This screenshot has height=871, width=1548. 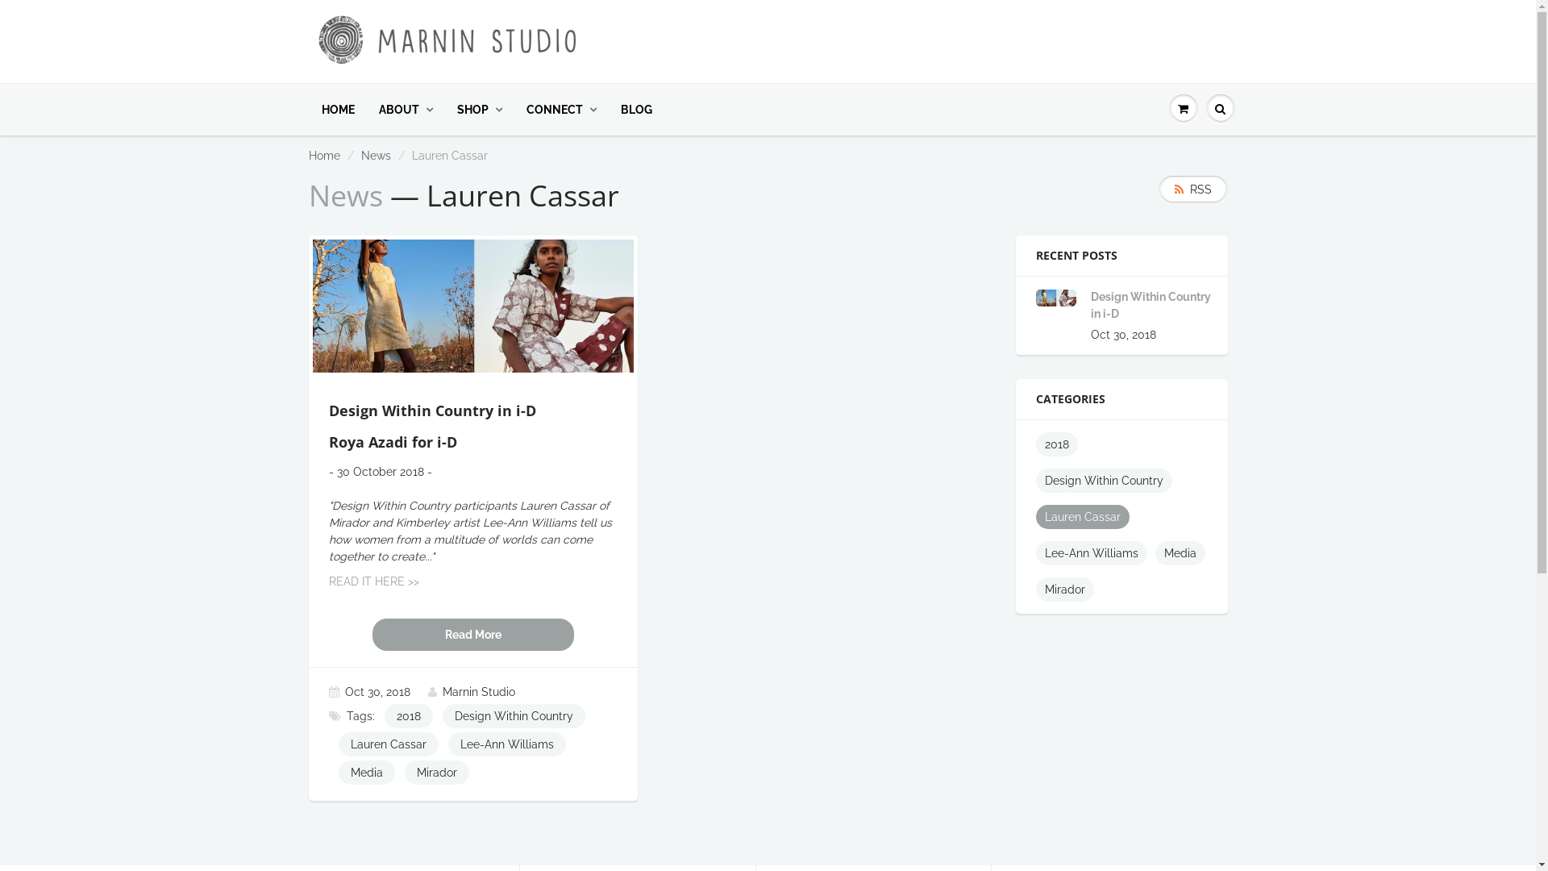 I want to click on 'Design Within Country', so click(x=1103, y=480).